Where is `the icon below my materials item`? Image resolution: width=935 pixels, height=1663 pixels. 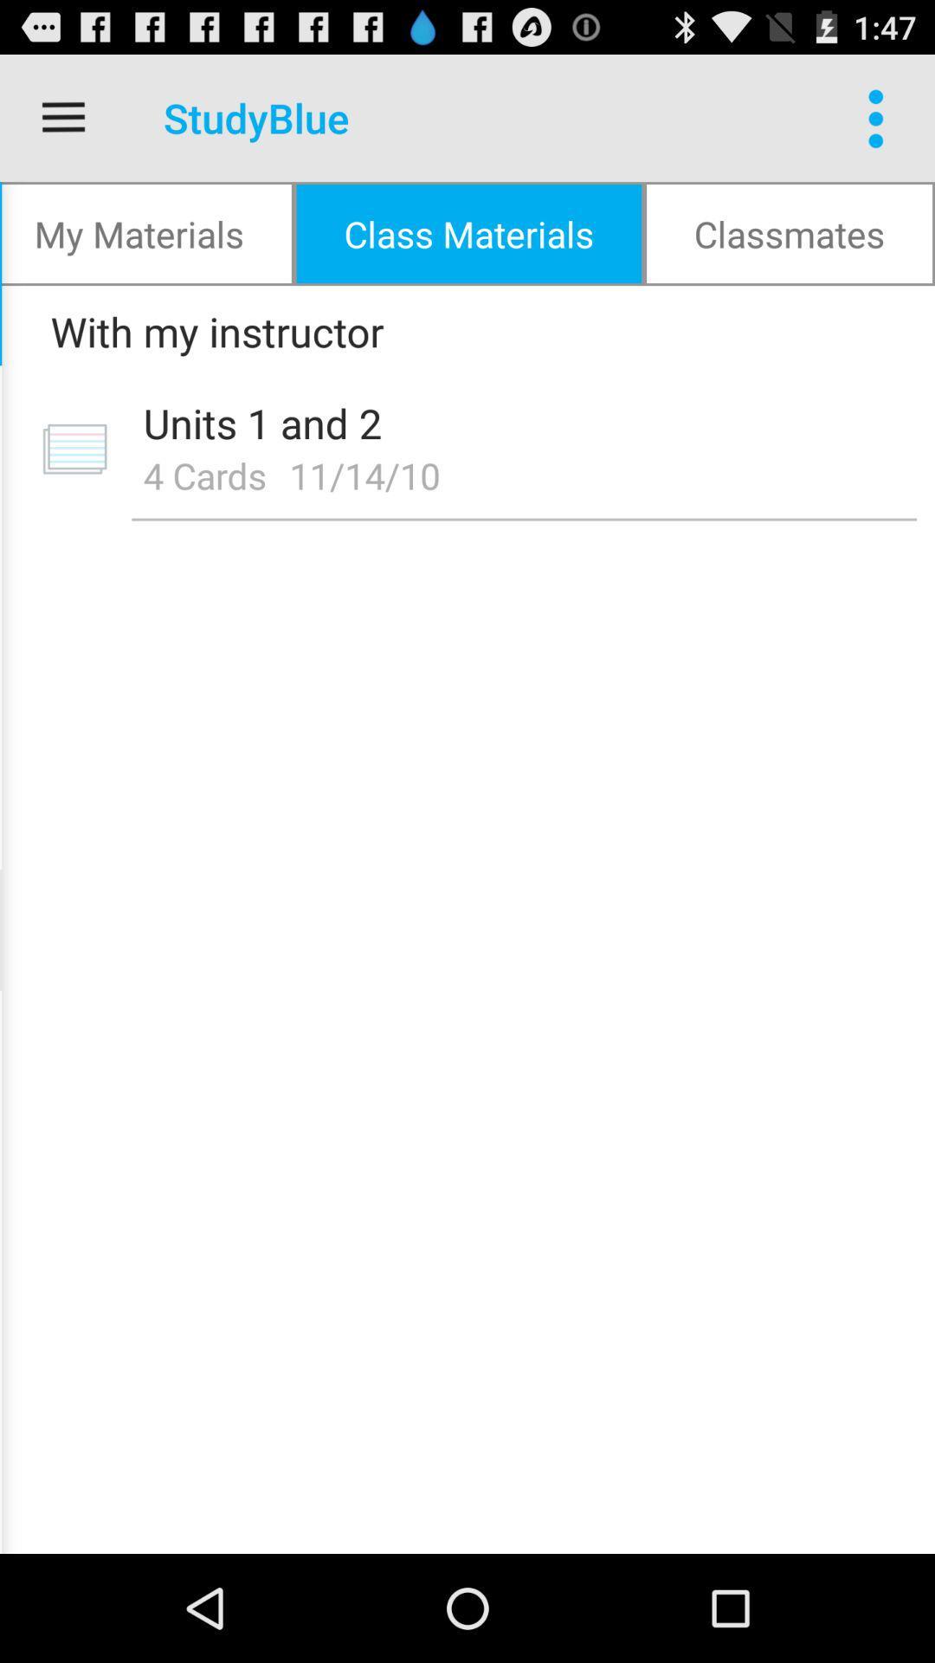
the icon below my materials item is located at coordinates (461, 331).